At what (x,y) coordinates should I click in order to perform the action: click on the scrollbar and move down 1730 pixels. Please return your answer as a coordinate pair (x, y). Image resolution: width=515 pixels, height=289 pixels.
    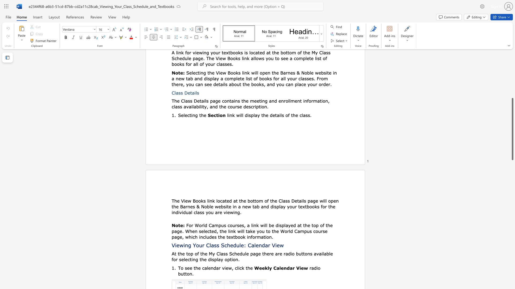
    Looking at the image, I should click on (512, 129).